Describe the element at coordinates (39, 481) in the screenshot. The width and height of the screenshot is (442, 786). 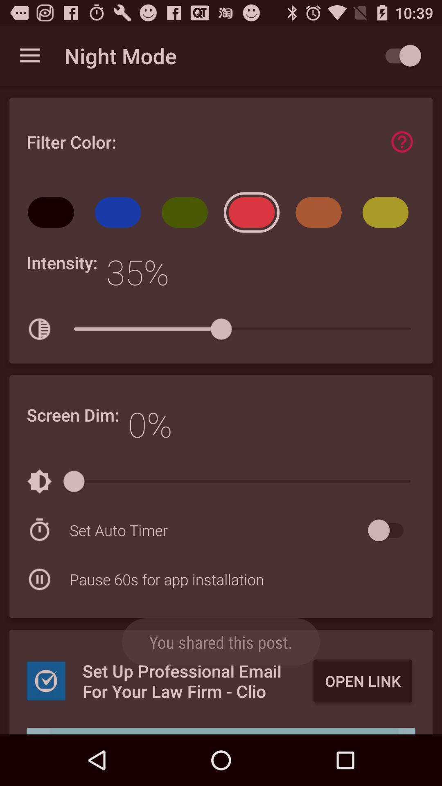
I see `the first icon below the text screen dim` at that location.